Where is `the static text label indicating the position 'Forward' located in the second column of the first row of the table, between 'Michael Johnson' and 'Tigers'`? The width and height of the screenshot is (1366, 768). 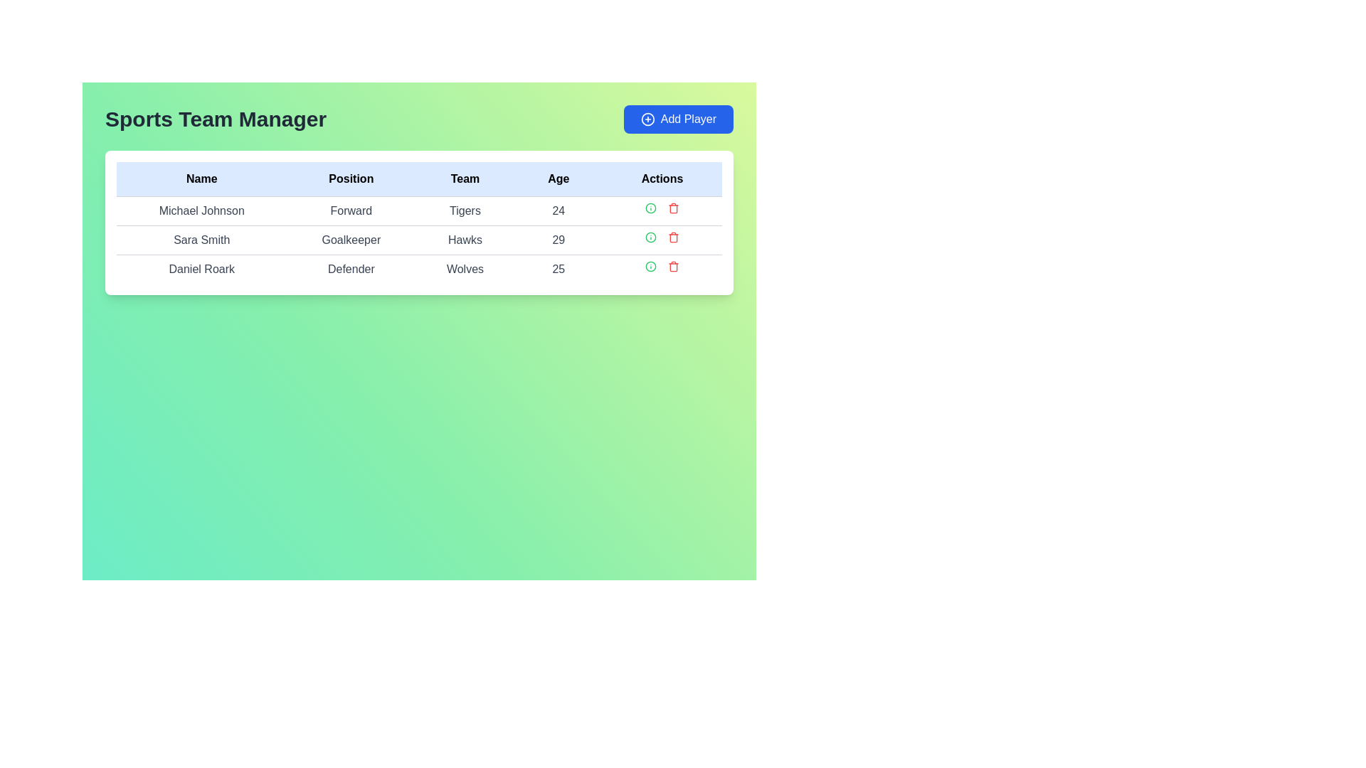
the static text label indicating the position 'Forward' located in the second column of the first row of the table, between 'Michael Johnson' and 'Tigers' is located at coordinates (351, 211).